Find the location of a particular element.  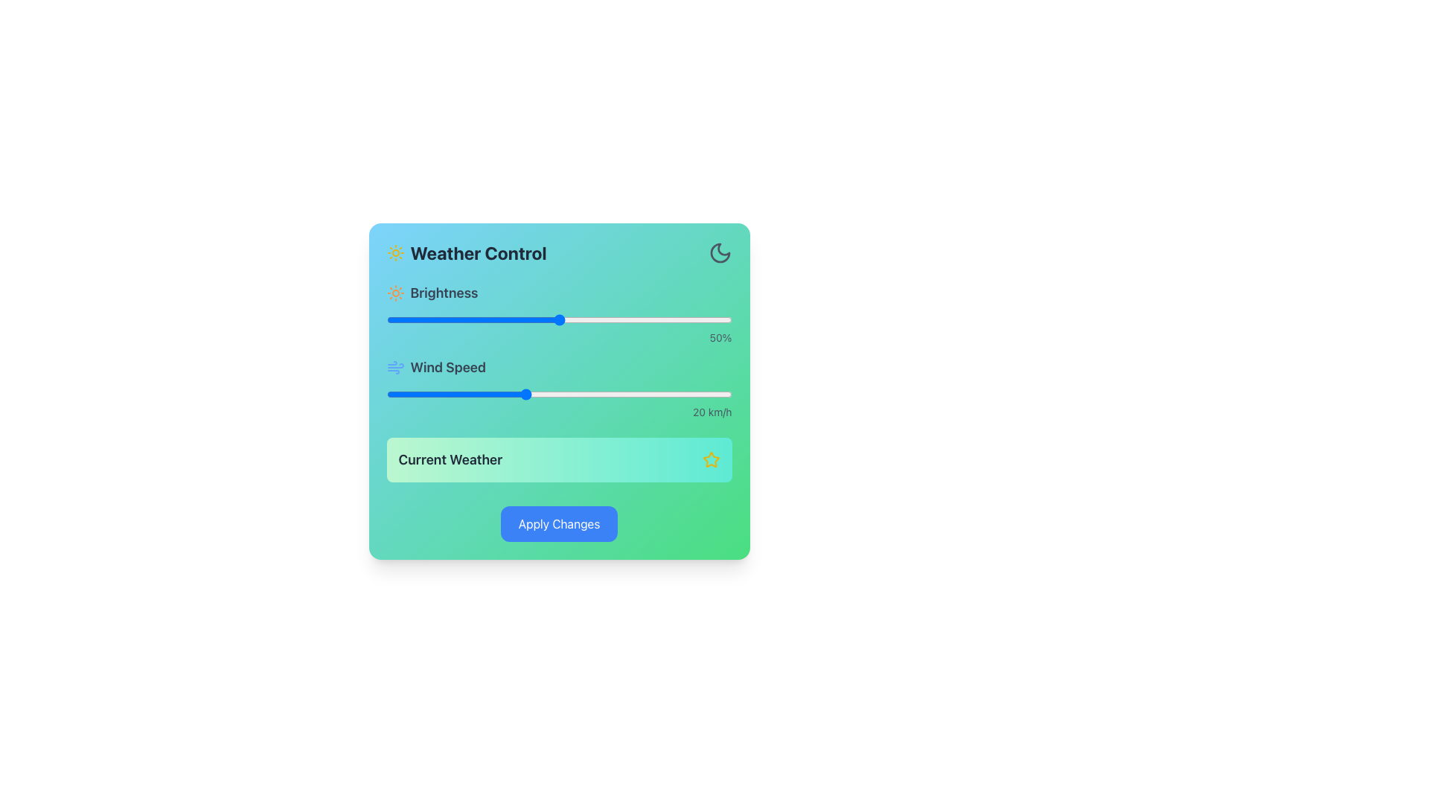

the brightness level is located at coordinates (544, 319).